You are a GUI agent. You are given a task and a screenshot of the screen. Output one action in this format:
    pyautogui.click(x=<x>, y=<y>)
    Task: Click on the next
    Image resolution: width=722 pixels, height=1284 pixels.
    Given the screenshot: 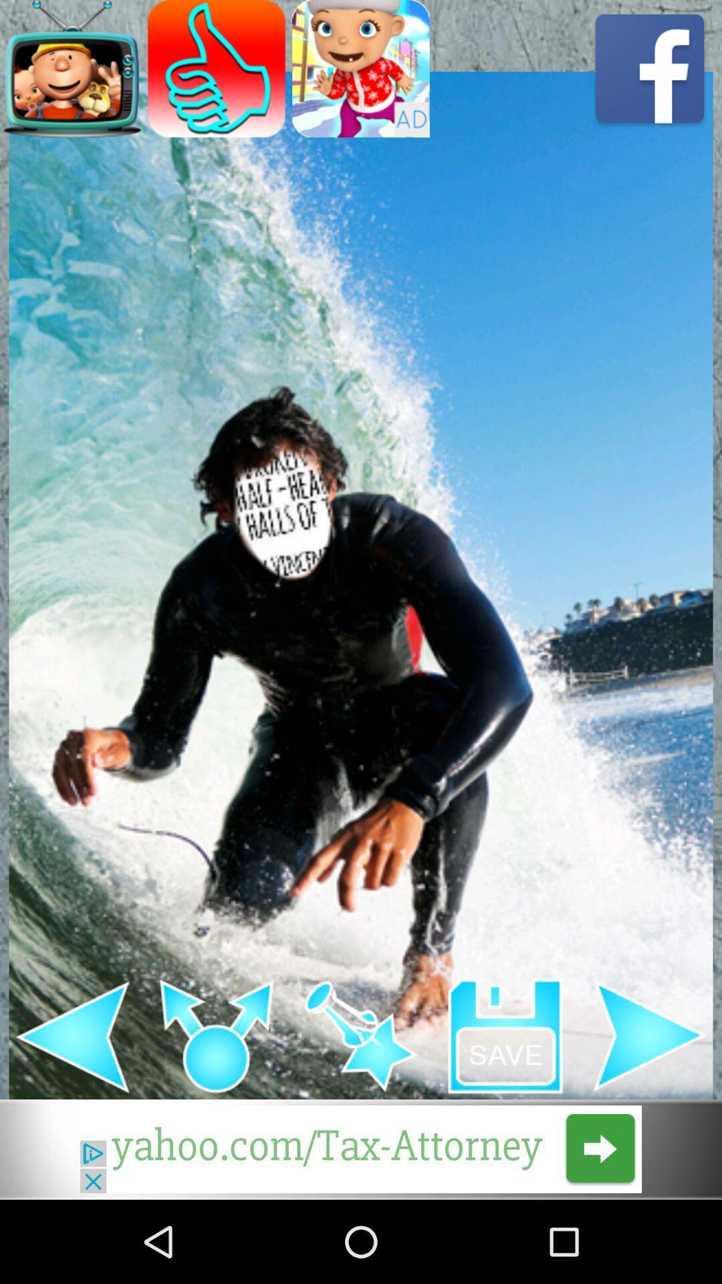 What is the action you would take?
    pyautogui.click(x=361, y=1148)
    